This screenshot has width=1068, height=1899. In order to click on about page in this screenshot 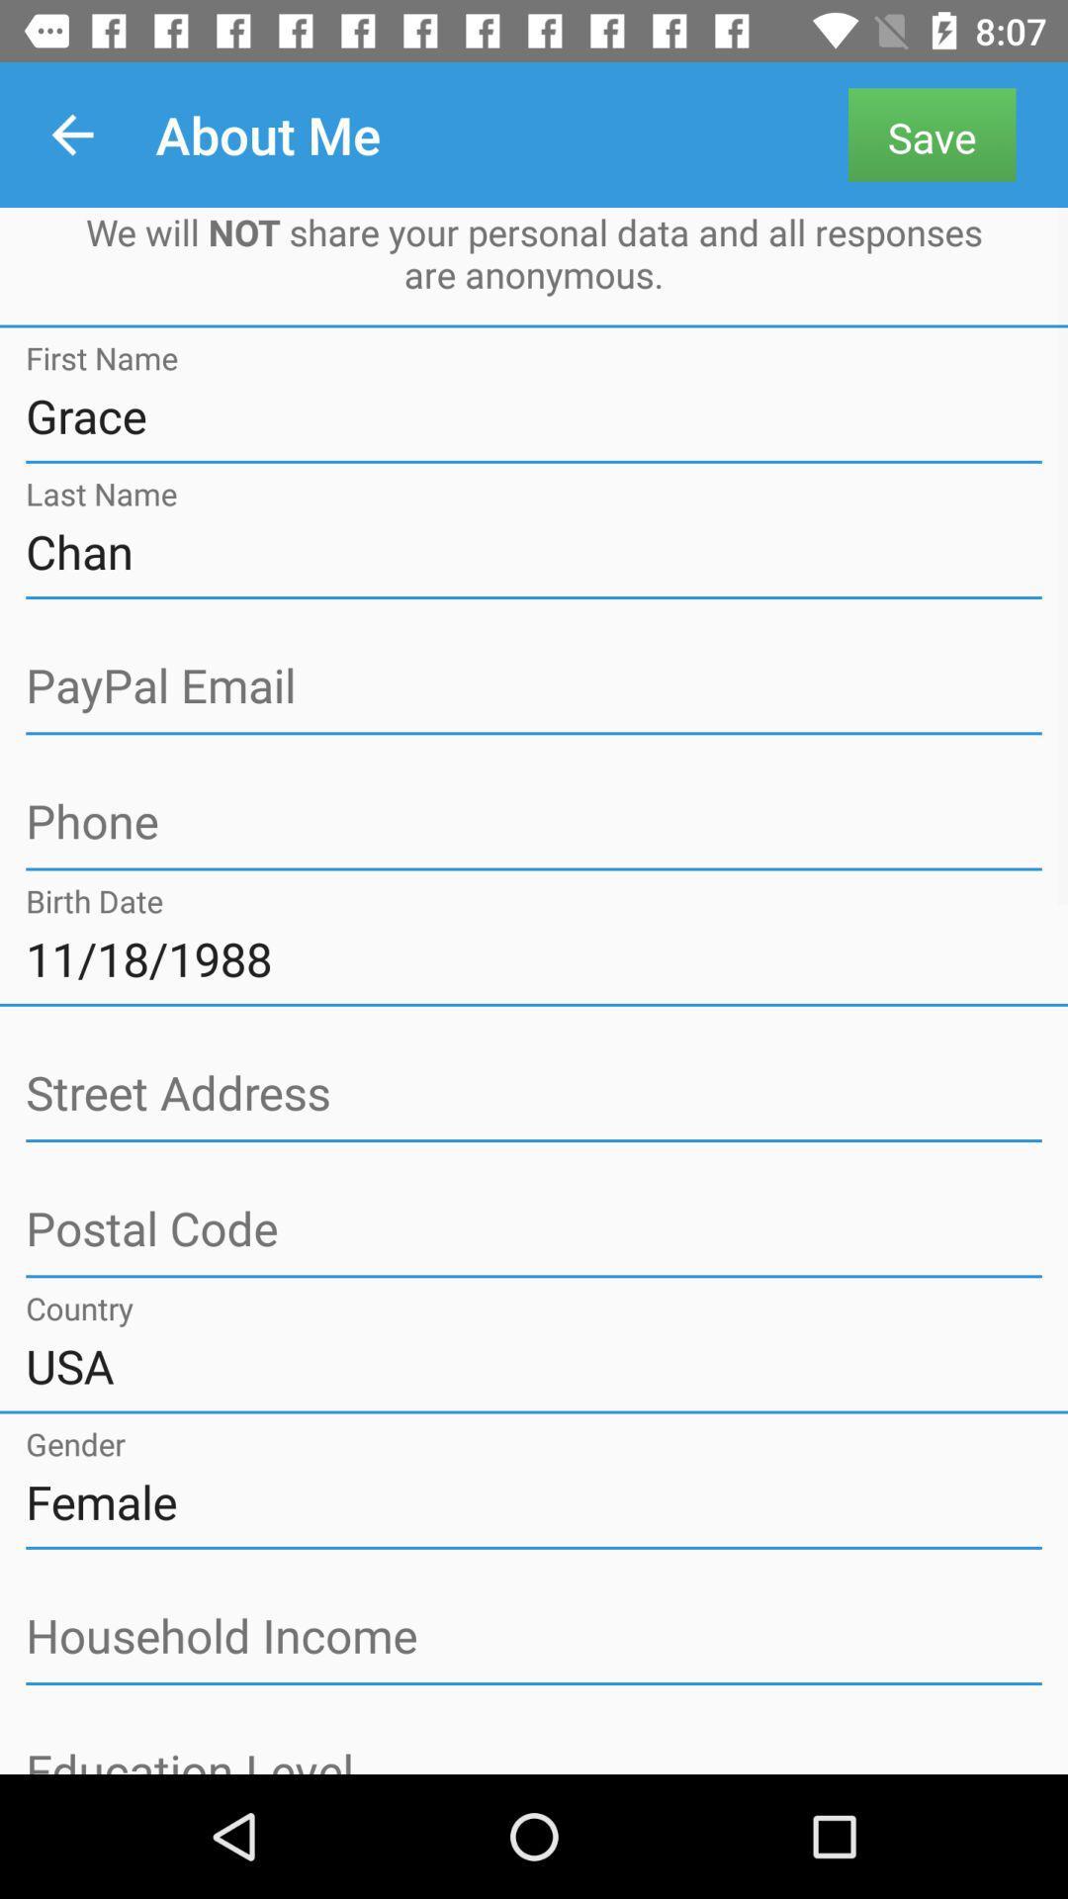, I will do `click(534, 686)`.